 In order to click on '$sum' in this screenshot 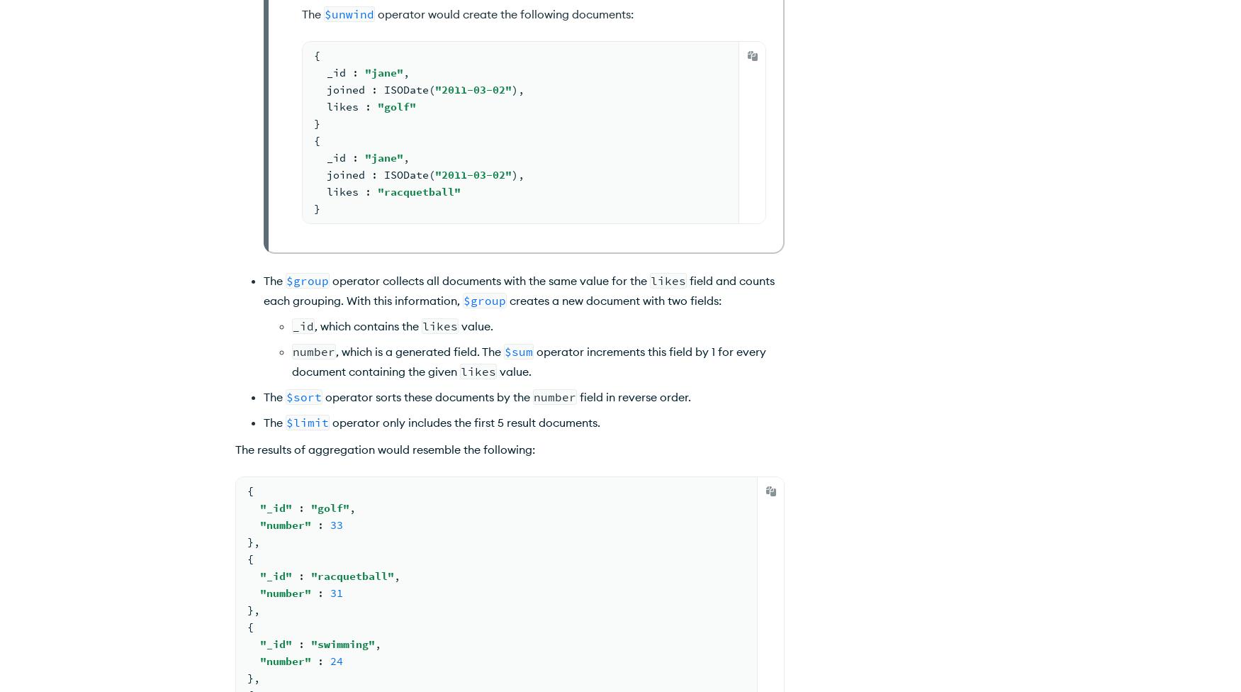, I will do `click(518, 352)`.